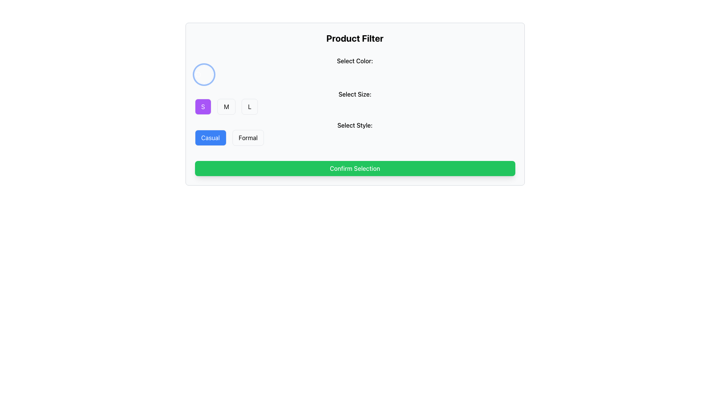 The height and width of the screenshot is (409, 727). Describe the element at coordinates (354, 168) in the screenshot. I see `the 'Confirm Selection' button, which is a green rectangular button with rounded corners located at the bottom of the 'Product Filter' layout` at that location.